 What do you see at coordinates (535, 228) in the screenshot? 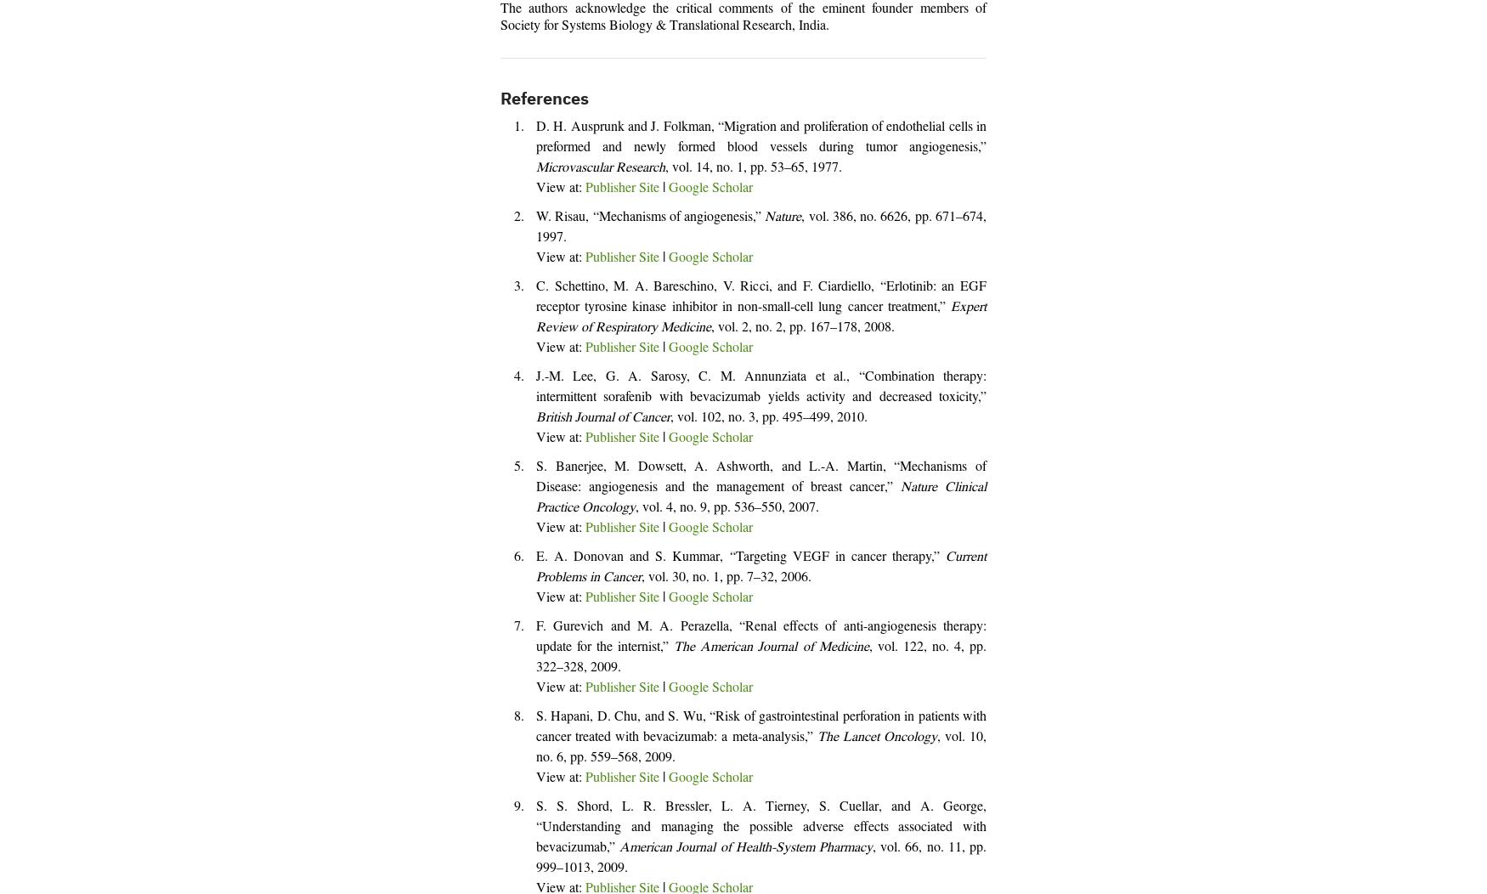
I see `', vol. 386, no. 6626, pp. 671–674, 1997.'` at bounding box center [535, 228].